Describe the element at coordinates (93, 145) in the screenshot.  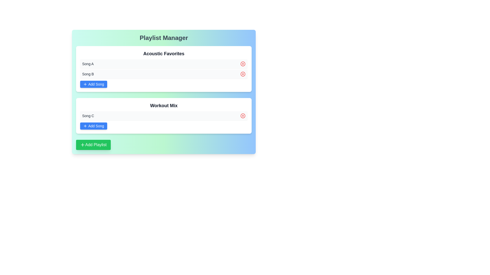
I see `the button at the bottom of the 'Playlist Manager' section to create a new playlist` at that location.